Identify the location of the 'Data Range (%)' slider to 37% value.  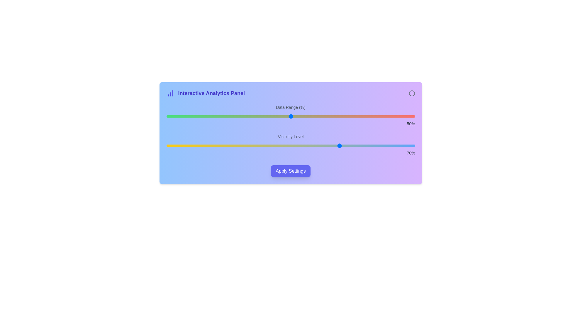
(258, 116).